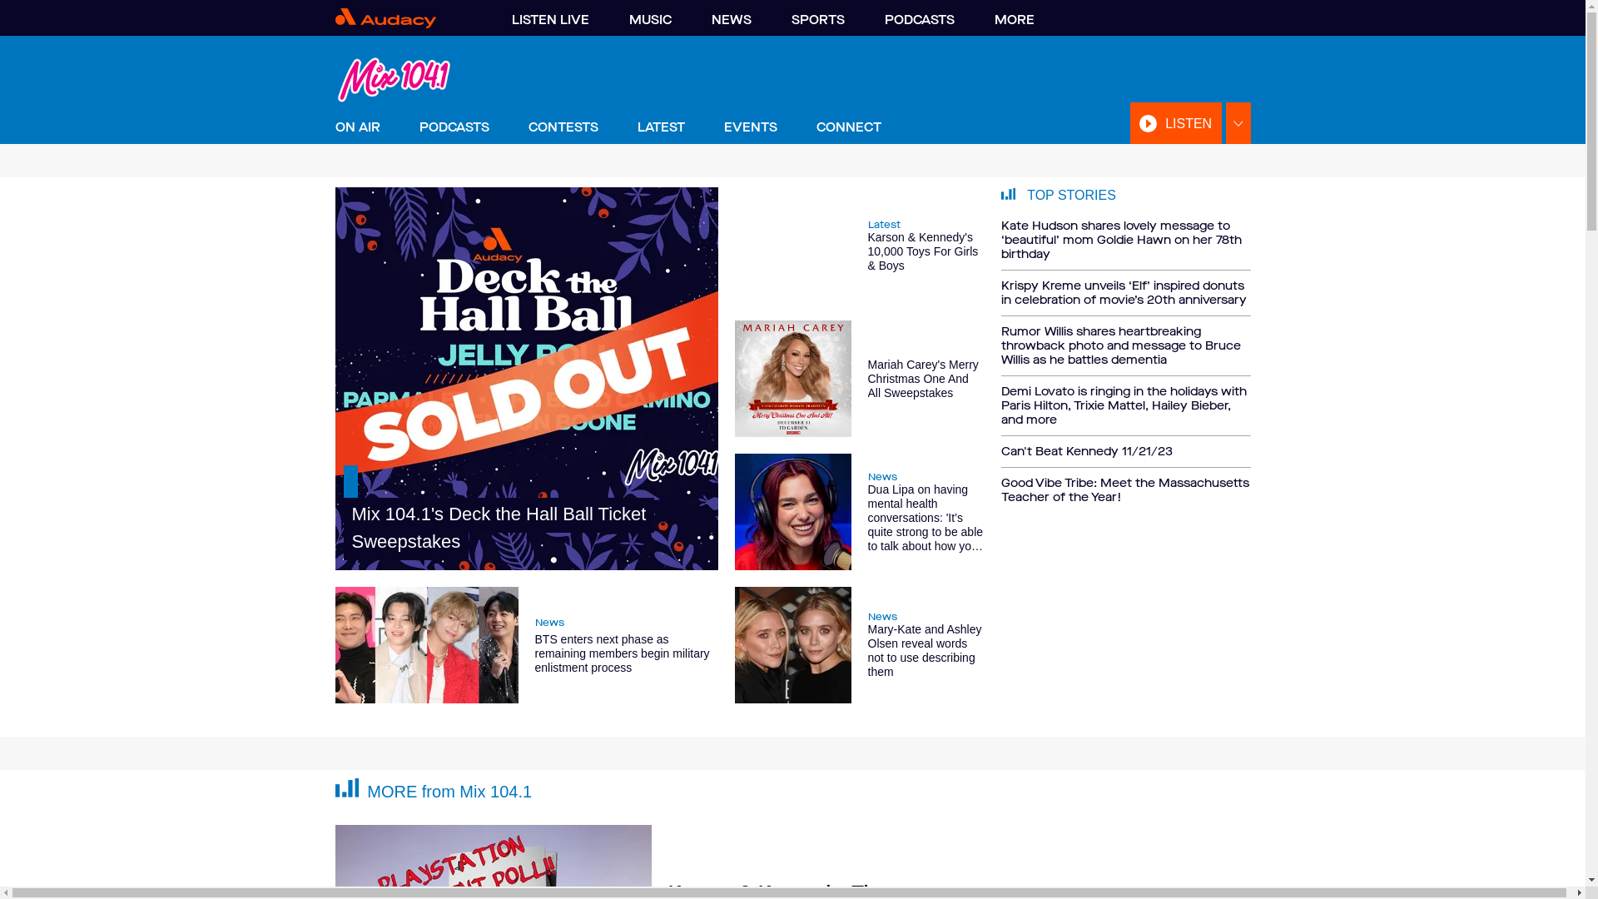  I want to click on 'CONTESTS', so click(526, 127).